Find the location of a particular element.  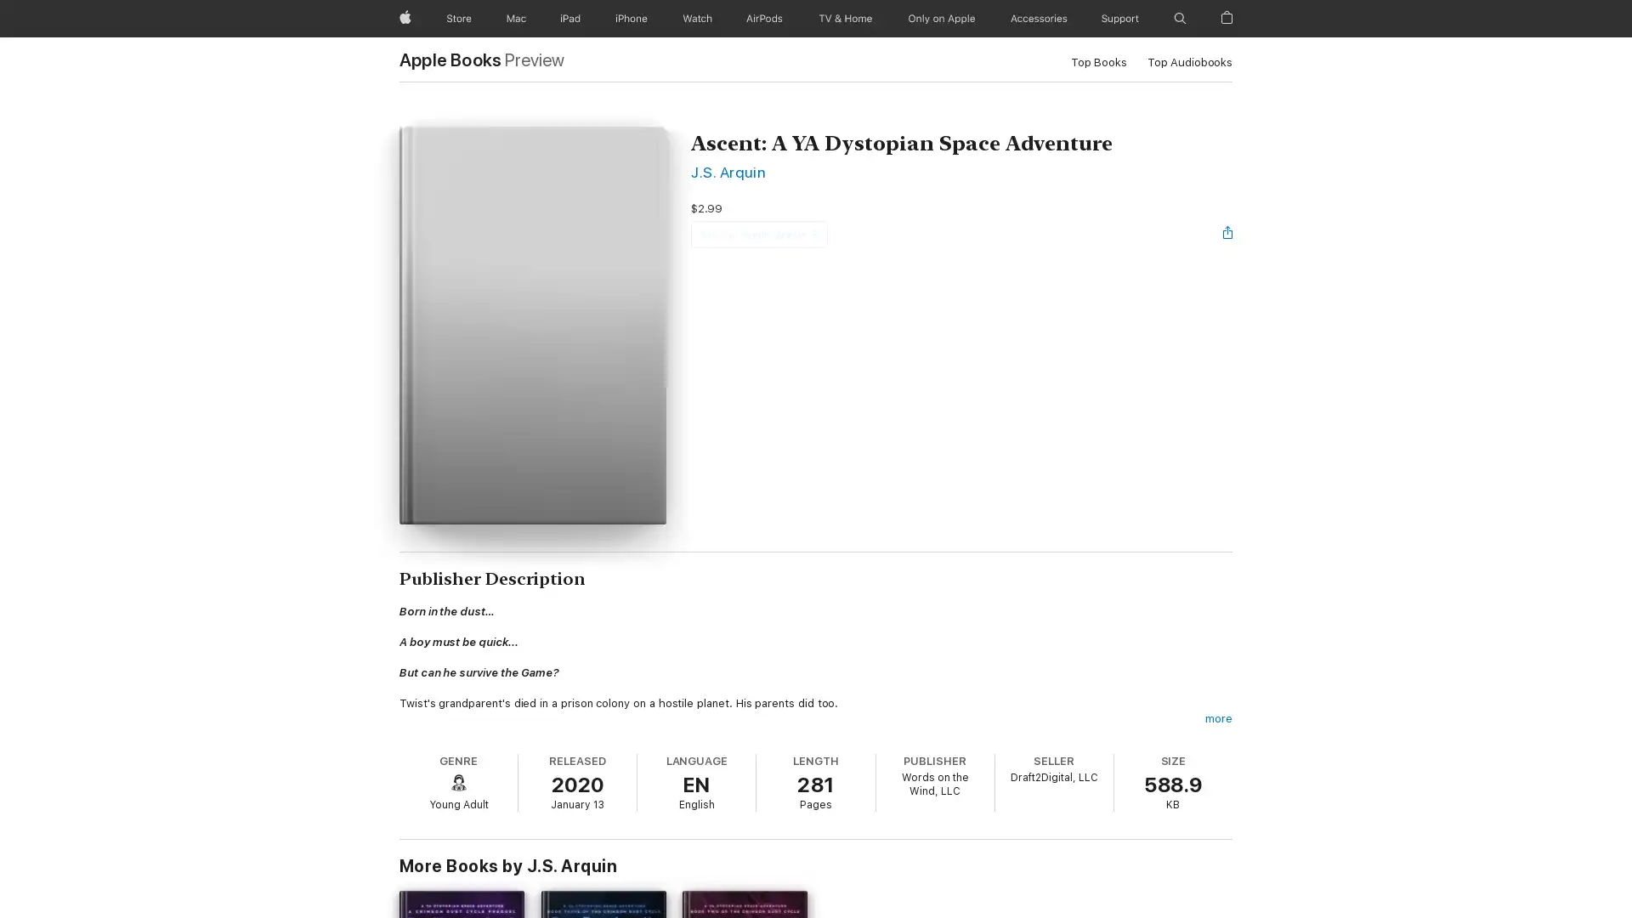

more is located at coordinates (1218, 718).